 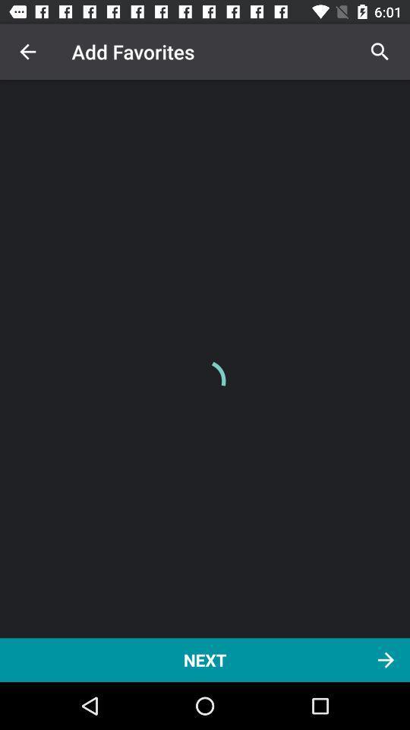 What do you see at coordinates (27, 52) in the screenshot?
I see `item to the left of add favorites` at bounding box center [27, 52].